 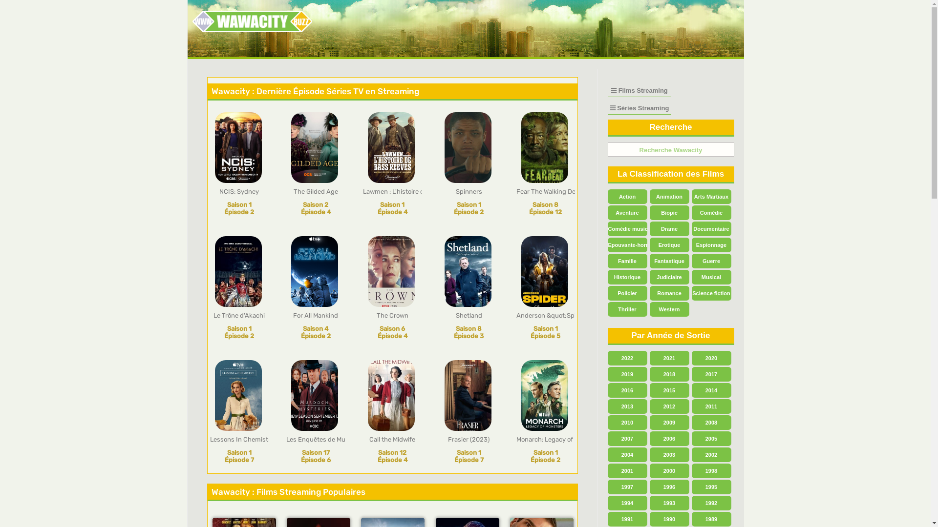 What do you see at coordinates (669, 455) in the screenshot?
I see `'2003'` at bounding box center [669, 455].